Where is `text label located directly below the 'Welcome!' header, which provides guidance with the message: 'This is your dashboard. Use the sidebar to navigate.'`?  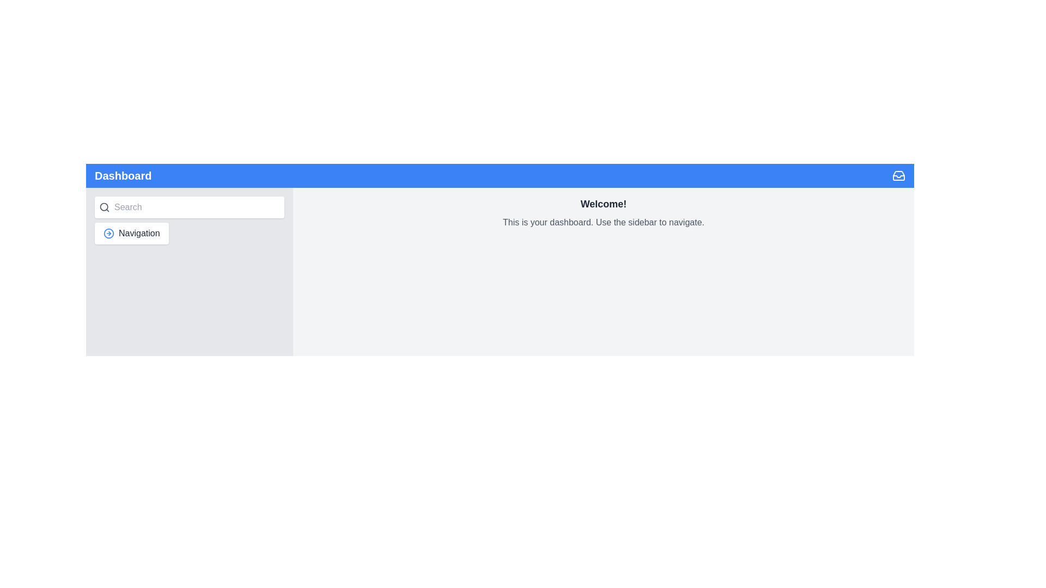 text label located directly below the 'Welcome!' header, which provides guidance with the message: 'This is your dashboard. Use the sidebar to navigate.' is located at coordinates (603, 222).